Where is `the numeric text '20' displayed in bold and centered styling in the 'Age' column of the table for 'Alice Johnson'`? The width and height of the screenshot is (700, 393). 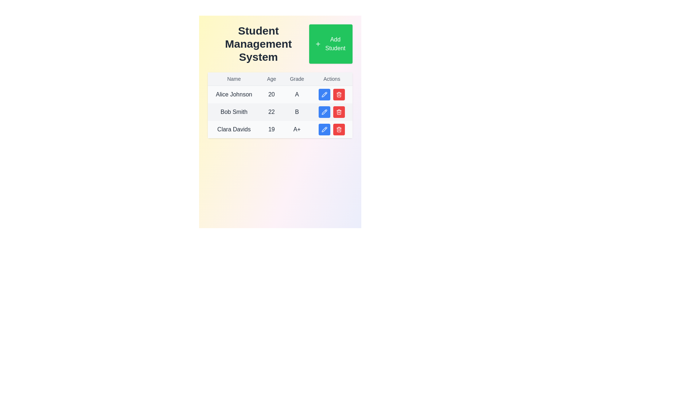
the numeric text '20' displayed in bold and centered styling in the 'Age' column of the table for 'Alice Johnson' is located at coordinates (271, 94).